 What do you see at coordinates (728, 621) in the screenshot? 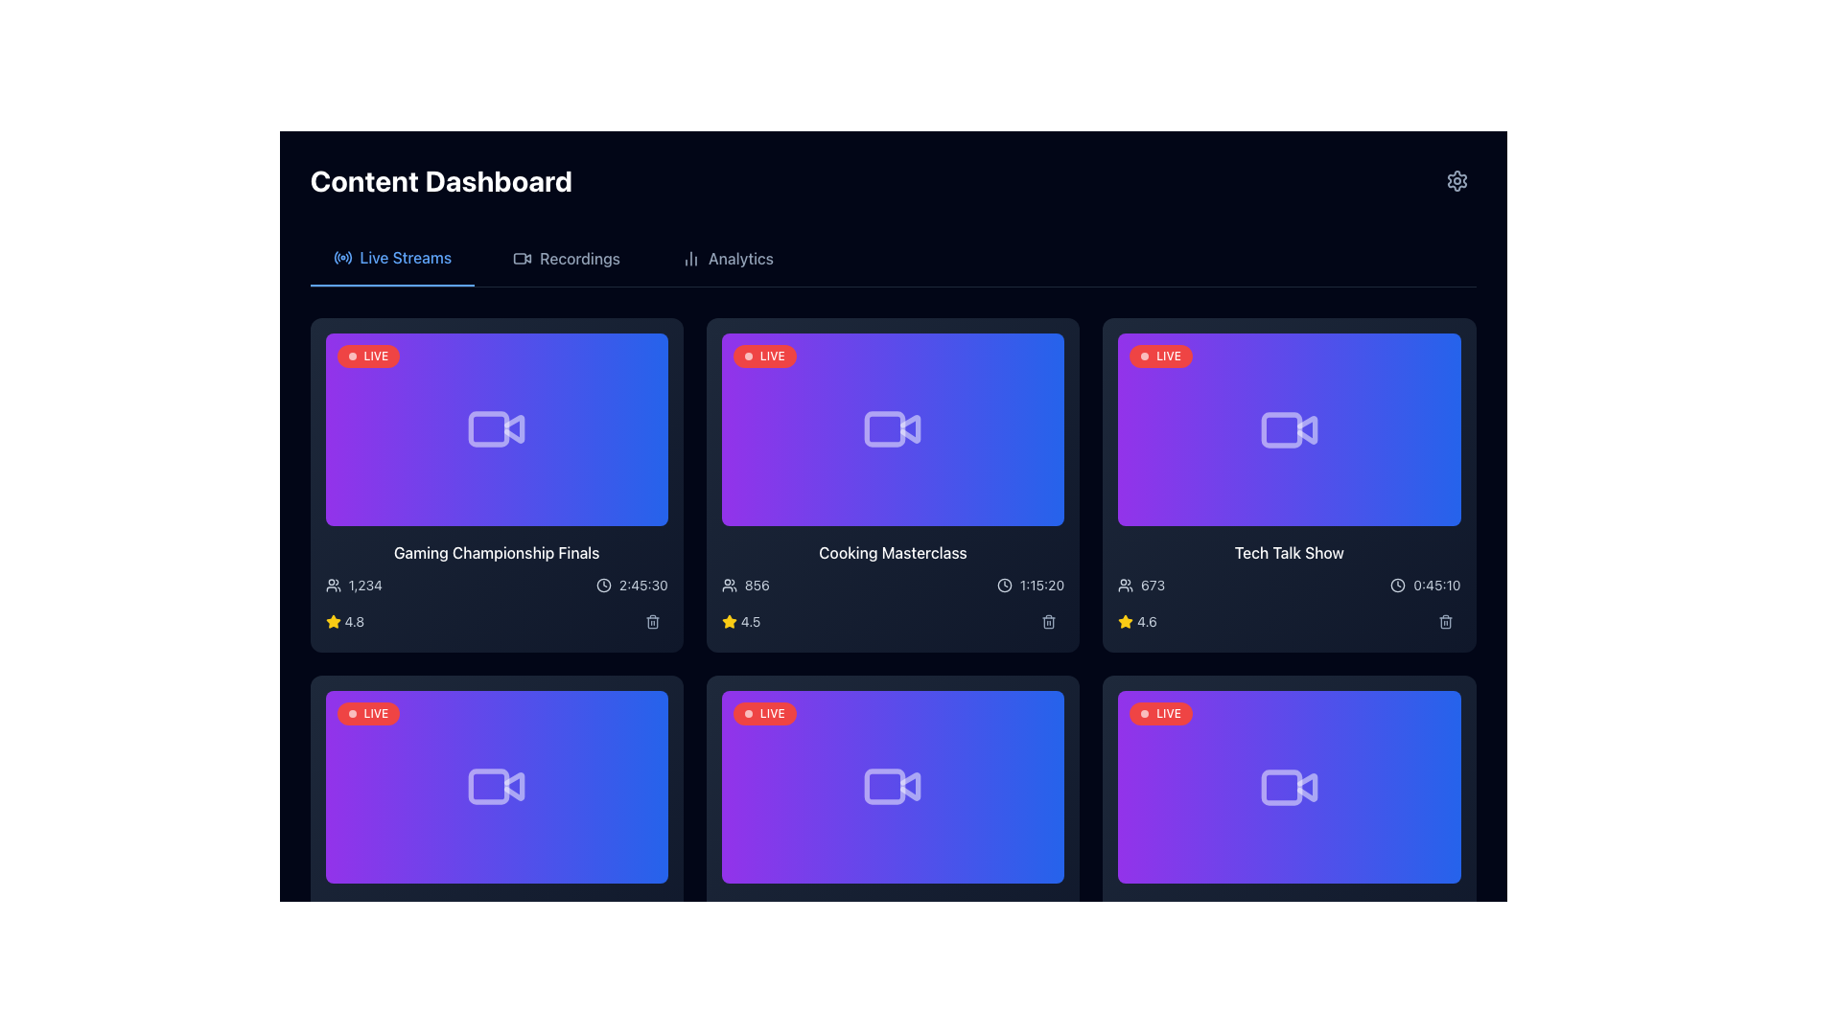
I see `the star icon in the bottom section of the 'Gaming Championship Finals' card within the 'Live Streams' section, which visually indicates a rating score of '4.8'` at bounding box center [728, 621].